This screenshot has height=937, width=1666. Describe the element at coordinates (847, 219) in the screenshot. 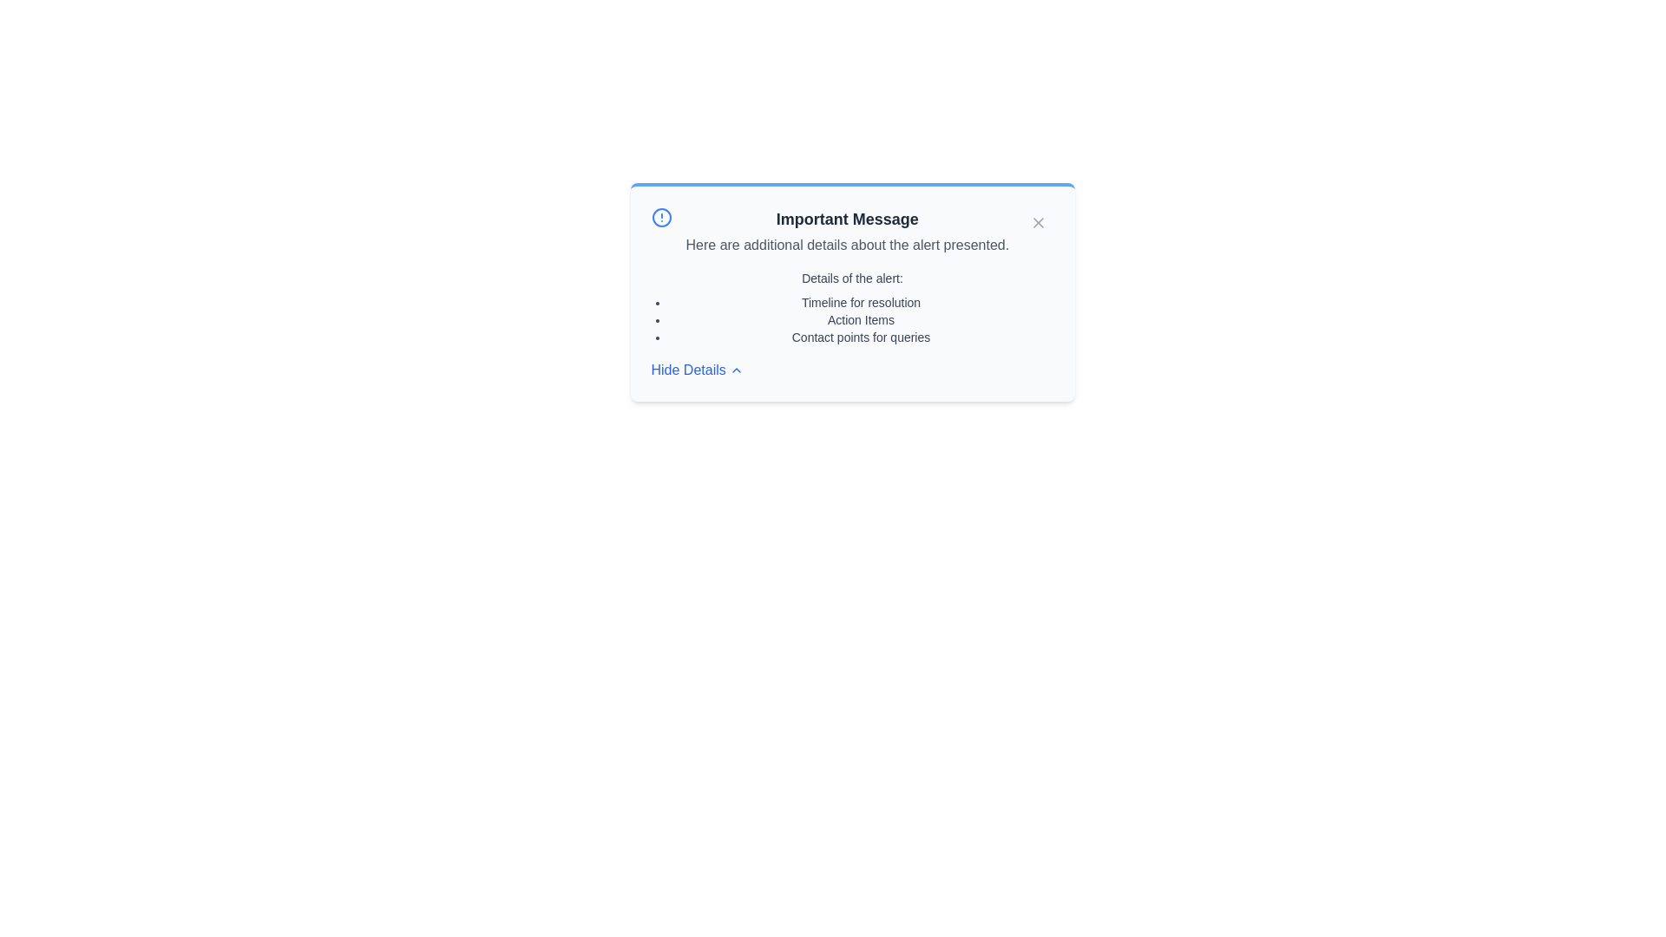

I see `the text label that serves as a heading for the alert message, located at the top of the dialog box` at that location.